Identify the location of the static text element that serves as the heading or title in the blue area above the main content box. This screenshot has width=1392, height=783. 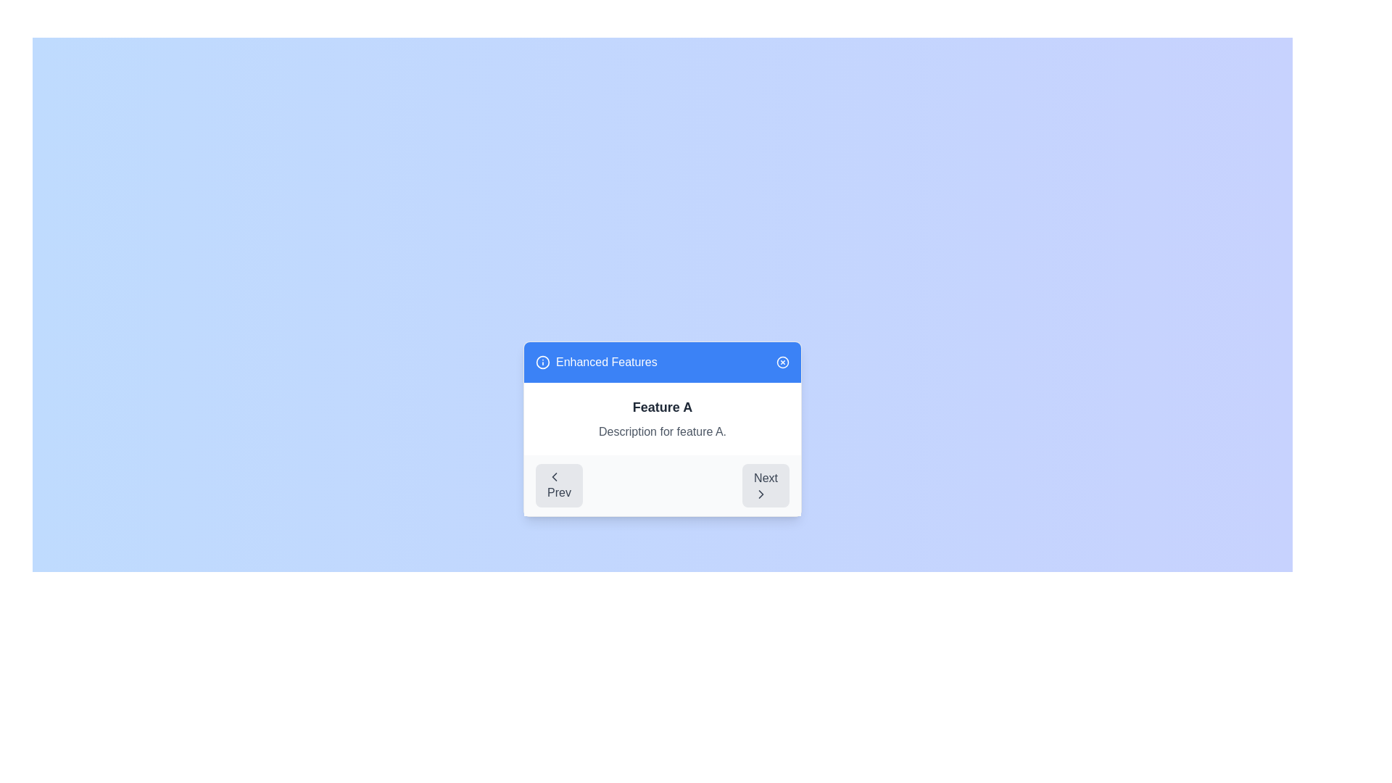
(606, 362).